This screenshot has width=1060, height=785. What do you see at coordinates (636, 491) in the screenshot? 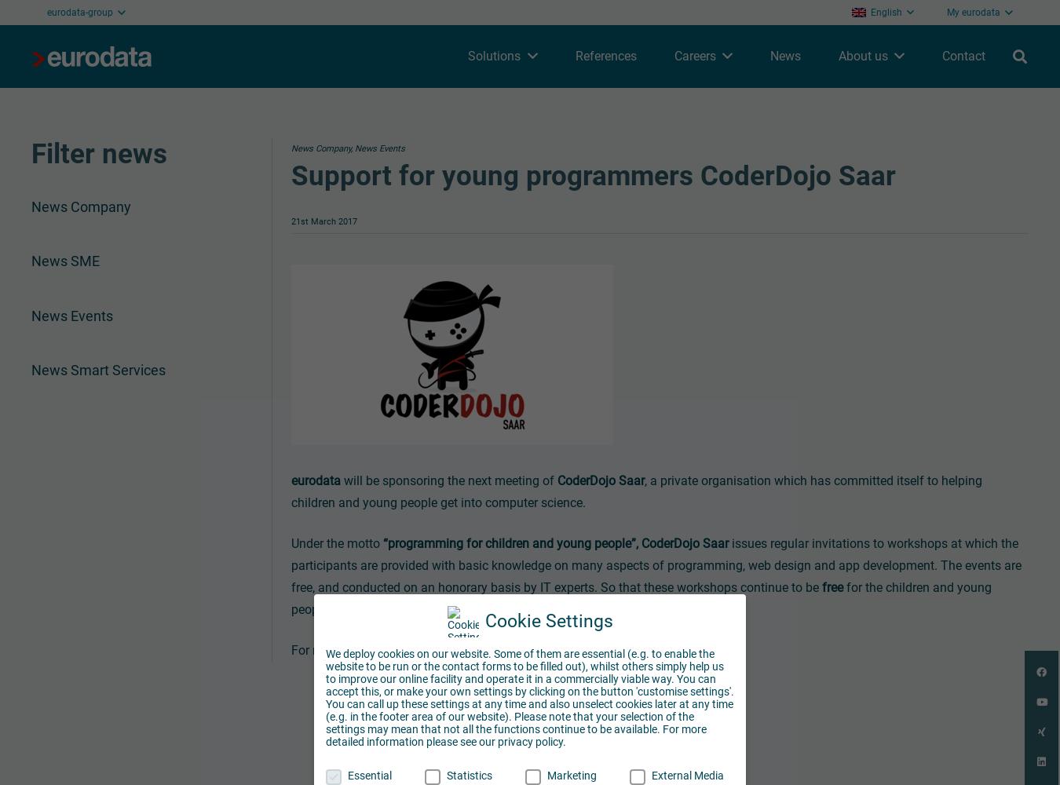
I see `', a private organisation which has committed itself to helping children and young people get into computer science.'` at bounding box center [636, 491].